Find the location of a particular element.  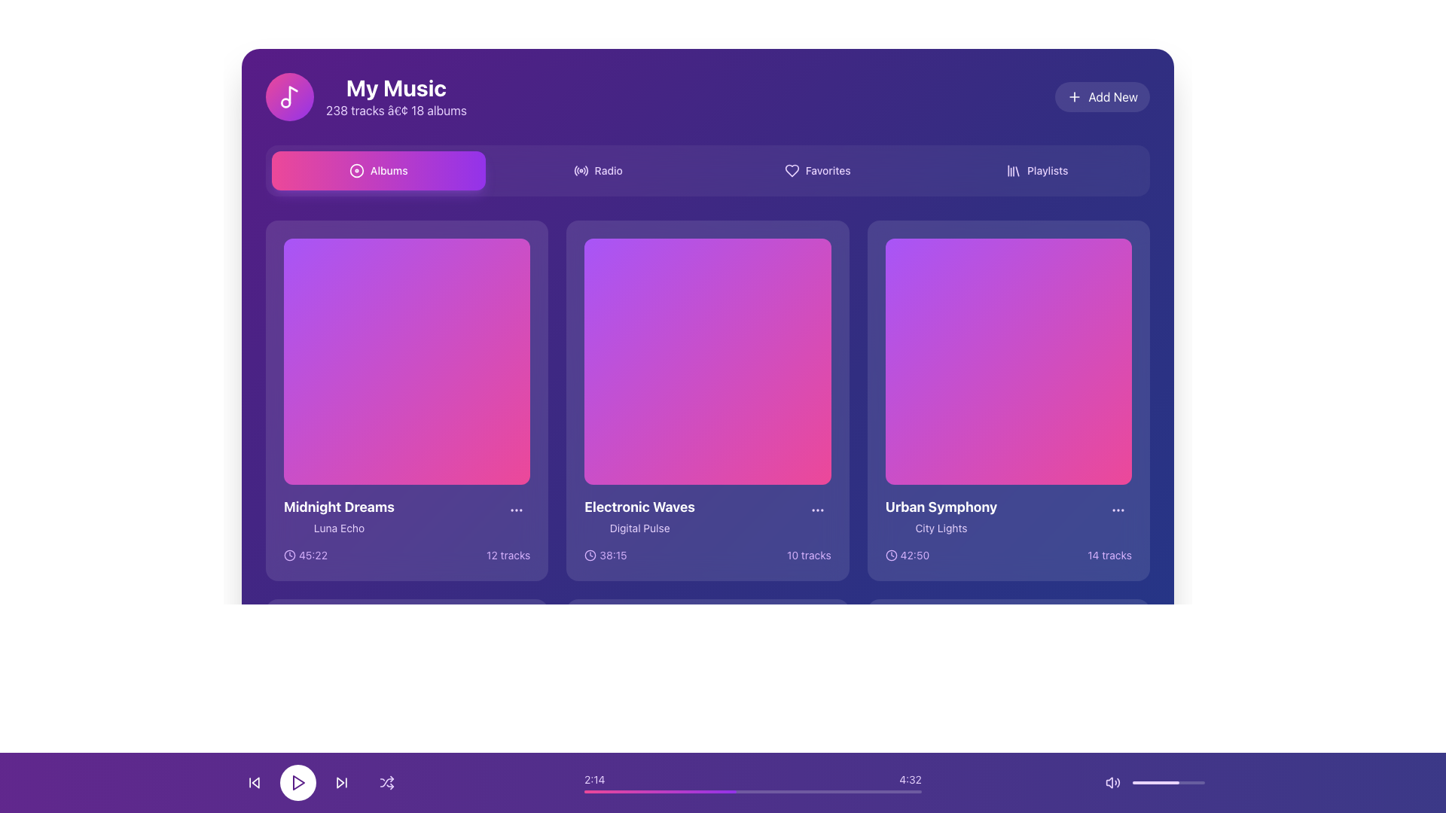

the last button in the navigation bar, which navigates to the playlist section of the application is located at coordinates (1036, 170).